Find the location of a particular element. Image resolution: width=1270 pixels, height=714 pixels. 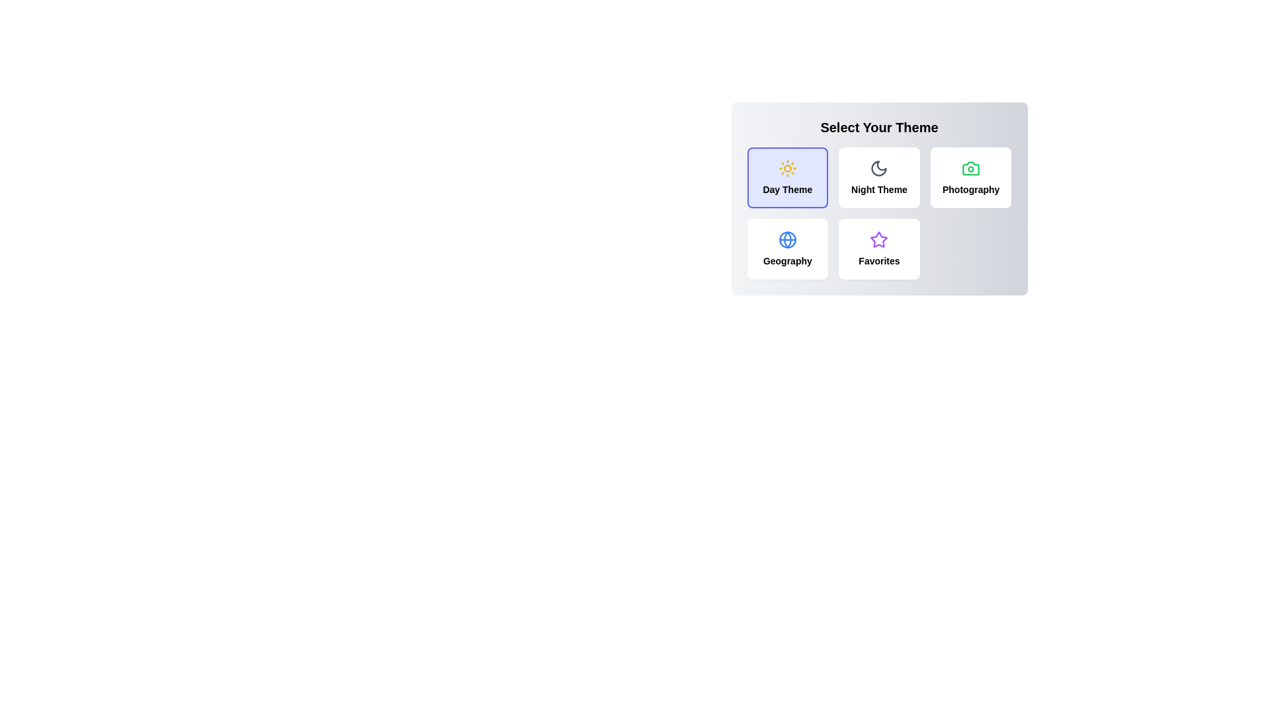

the 'Night Theme' button located in the second position of the first row in the 3x2 grid under the 'Select Your Theme' heading is located at coordinates (879, 198).